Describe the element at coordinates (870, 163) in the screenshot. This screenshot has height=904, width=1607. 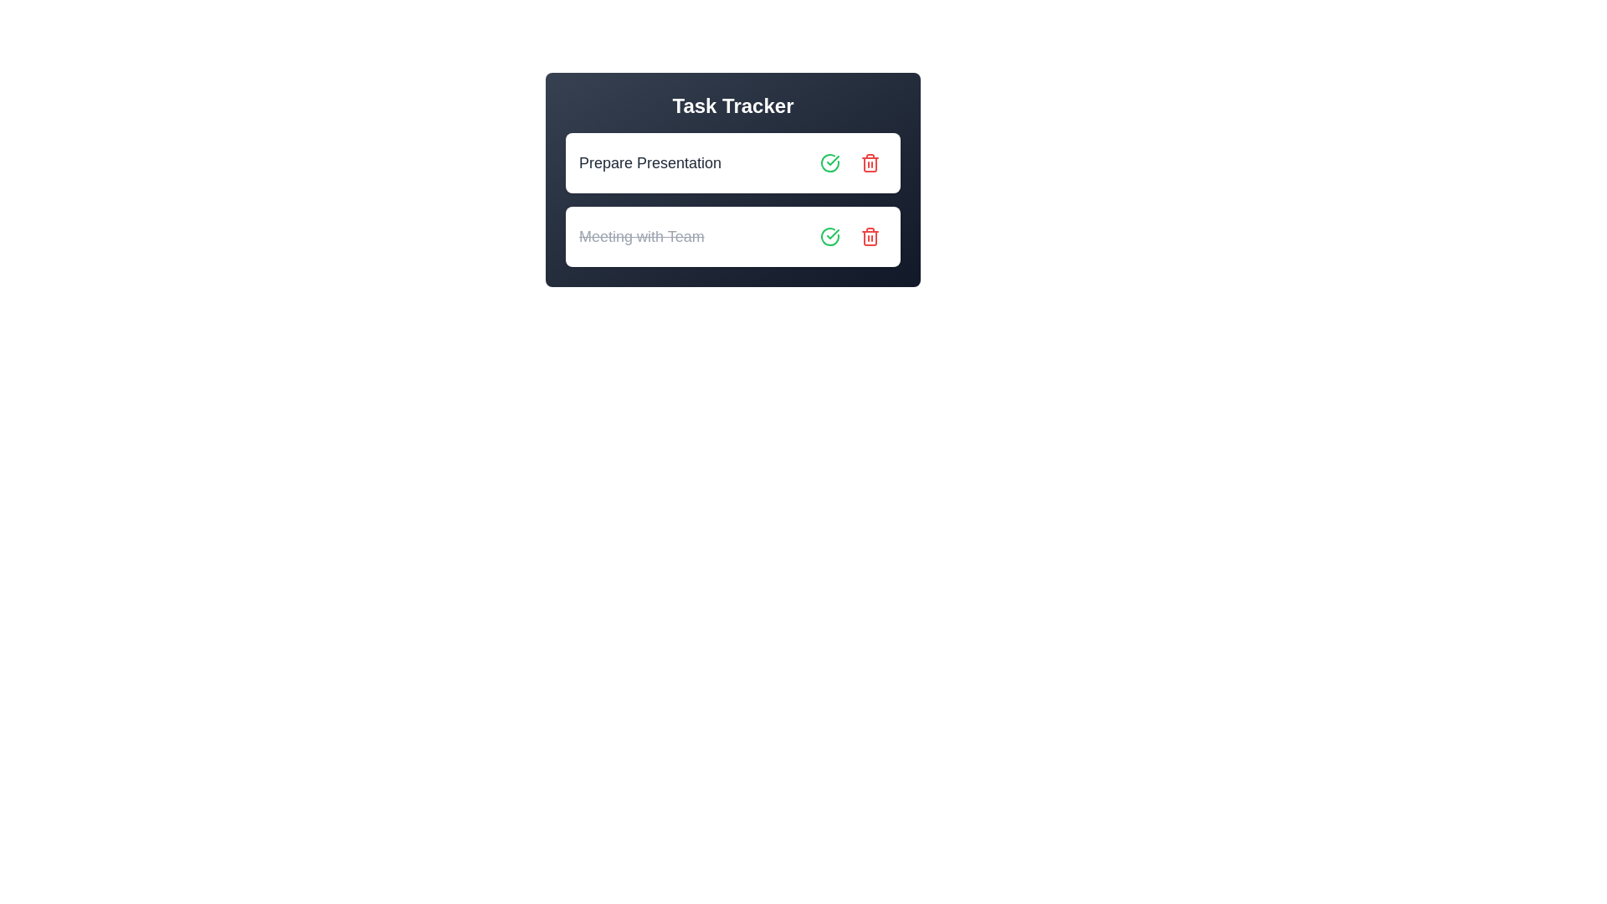
I see `the trash can icon styled with a red hue, which is located to the far right of the row containing the task 'Prepare Presentation'` at that location.